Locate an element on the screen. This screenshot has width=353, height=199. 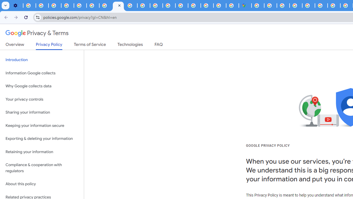
'Information Google collects' is located at coordinates (42, 73).